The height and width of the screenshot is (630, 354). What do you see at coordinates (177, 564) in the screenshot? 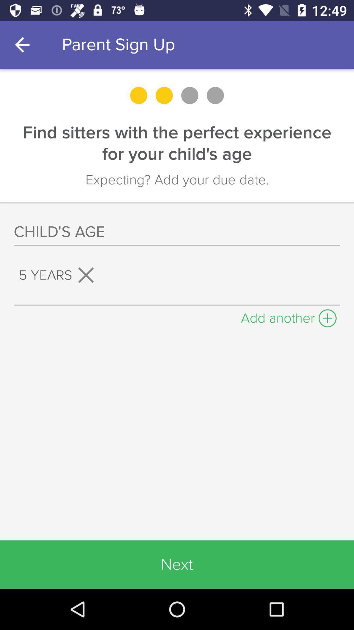
I see `the next` at bounding box center [177, 564].